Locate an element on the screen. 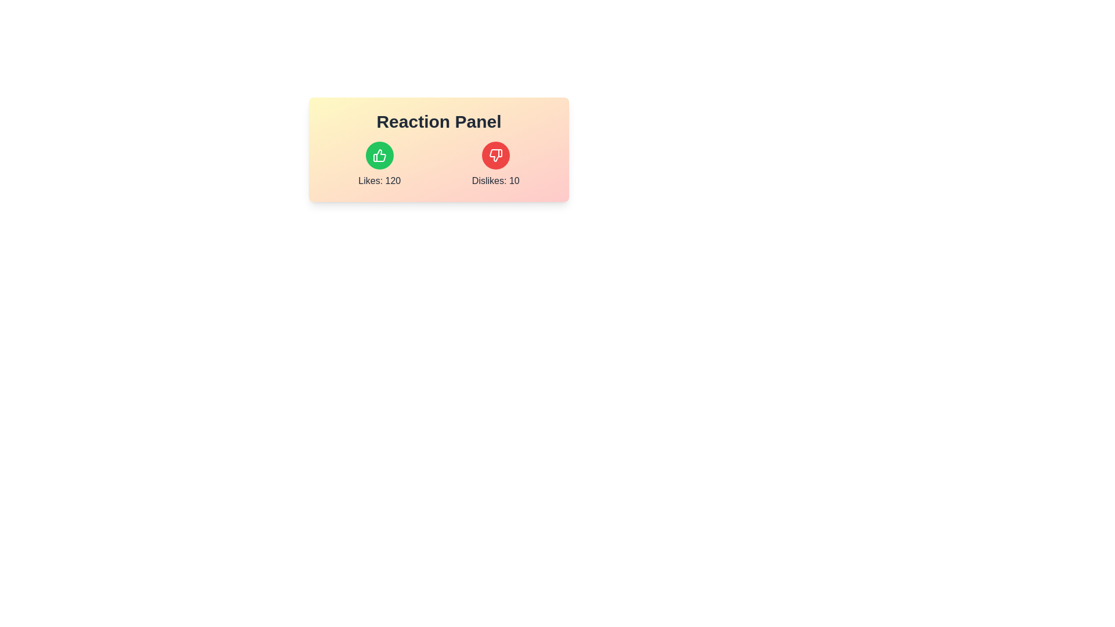 This screenshot has height=627, width=1115. the text label displaying 'Likes: 120' in bold black font, which is located below the green circular button with a thumbs-up icon in the Reaction Panel is located at coordinates (379, 181).